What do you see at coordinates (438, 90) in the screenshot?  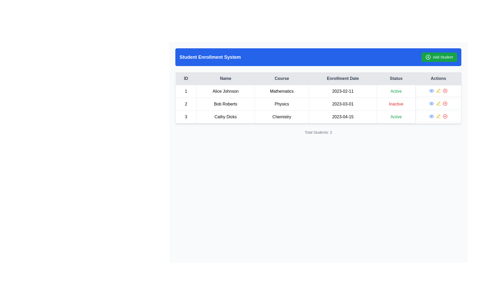 I see `the interactive icons in the Actions column for the first row of the table corresponding to 'Alice Johnson'` at bounding box center [438, 90].